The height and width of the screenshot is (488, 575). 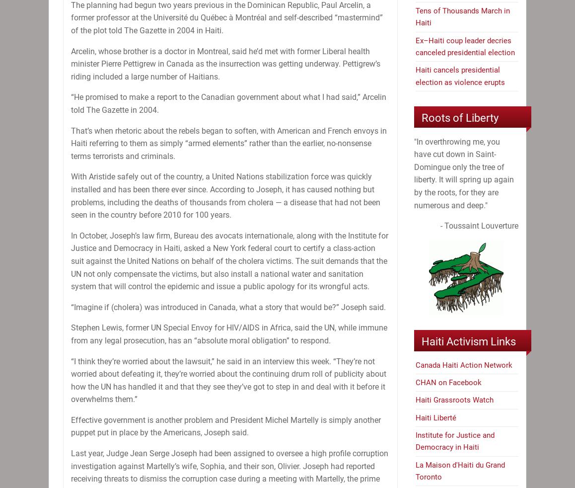 What do you see at coordinates (228, 143) in the screenshot?
I see `'That’s when rhetoric about the rebels began to soften, with American and French envoys in Haiti referring to them as simply “armed elements” rather than the earlier, no-nonsense terms terrorists and criminals.'` at bounding box center [228, 143].